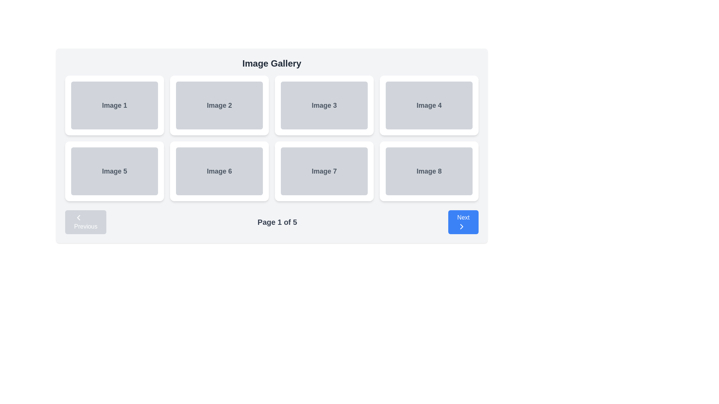  I want to click on the text label displaying 'Image 7' in a bold, large font style, located in the second row of the grid layout, to the left of 'Image 8', so click(324, 171).